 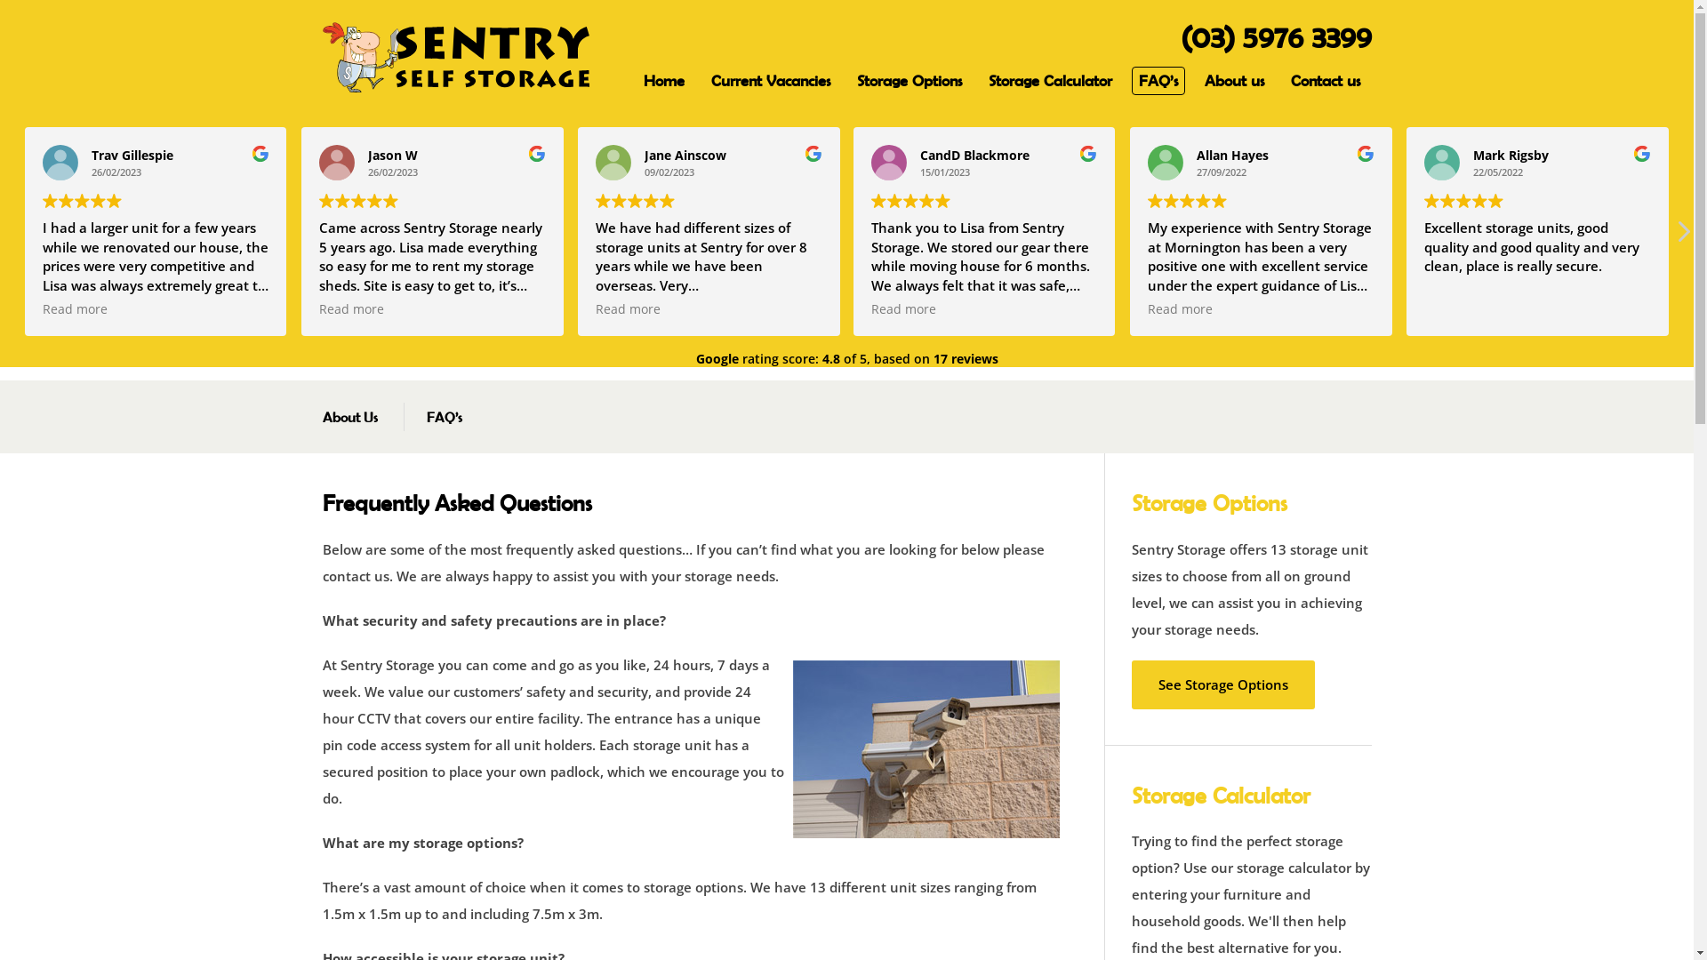 What do you see at coordinates (663, 81) in the screenshot?
I see `'Home'` at bounding box center [663, 81].